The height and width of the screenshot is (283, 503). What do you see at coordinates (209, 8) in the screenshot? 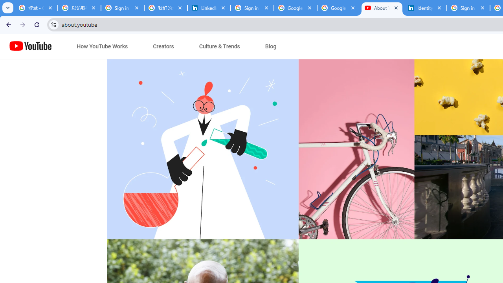
I see `'LinkedIn Privacy Policy'` at bounding box center [209, 8].